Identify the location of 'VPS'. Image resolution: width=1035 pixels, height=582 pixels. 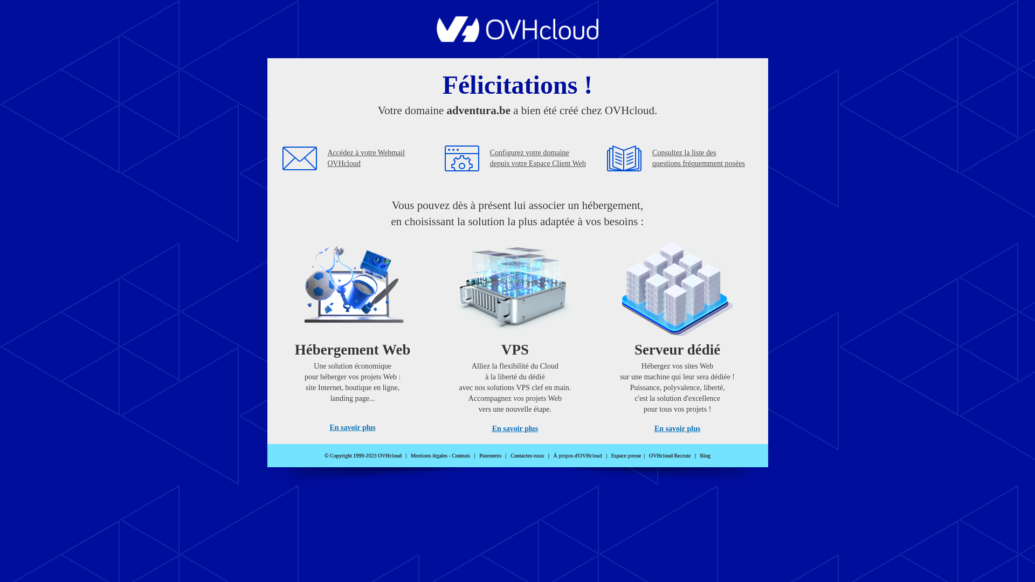
(514, 333).